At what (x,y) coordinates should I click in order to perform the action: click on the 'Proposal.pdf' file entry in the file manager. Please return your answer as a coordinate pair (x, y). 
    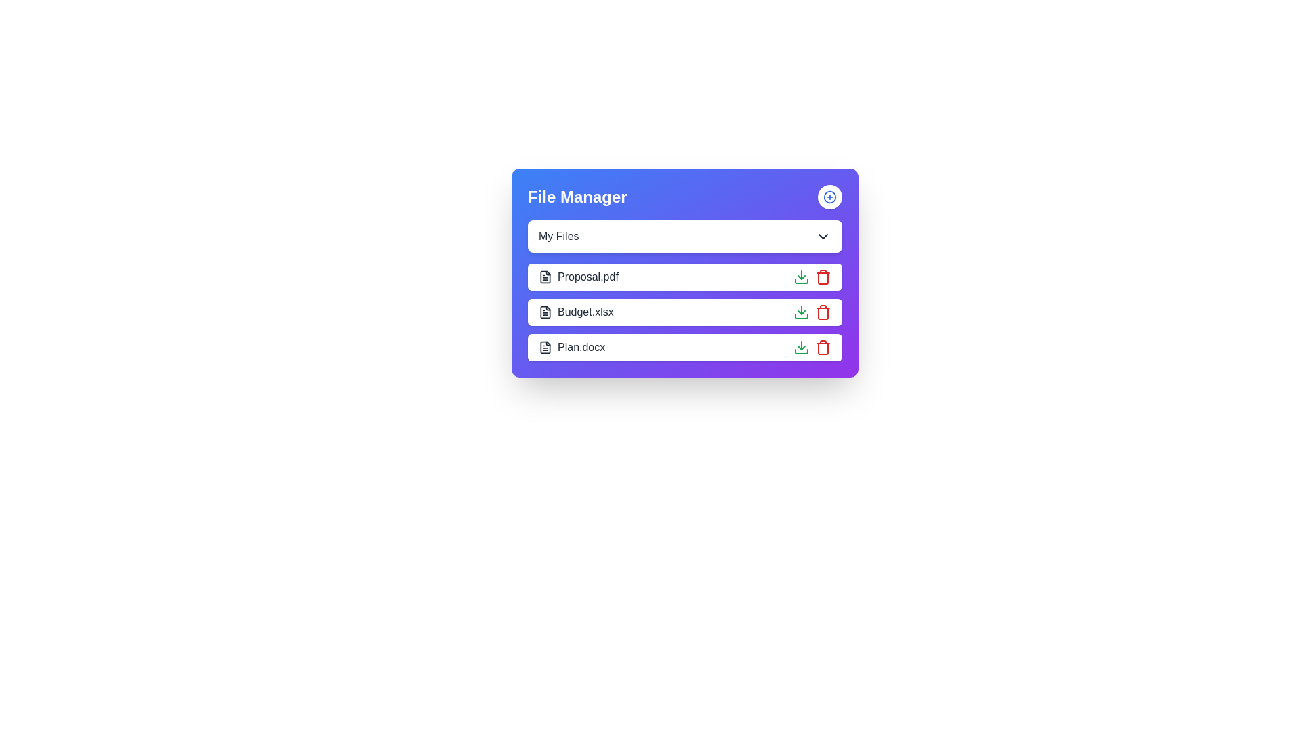
    Looking at the image, I should click on (685, 272).